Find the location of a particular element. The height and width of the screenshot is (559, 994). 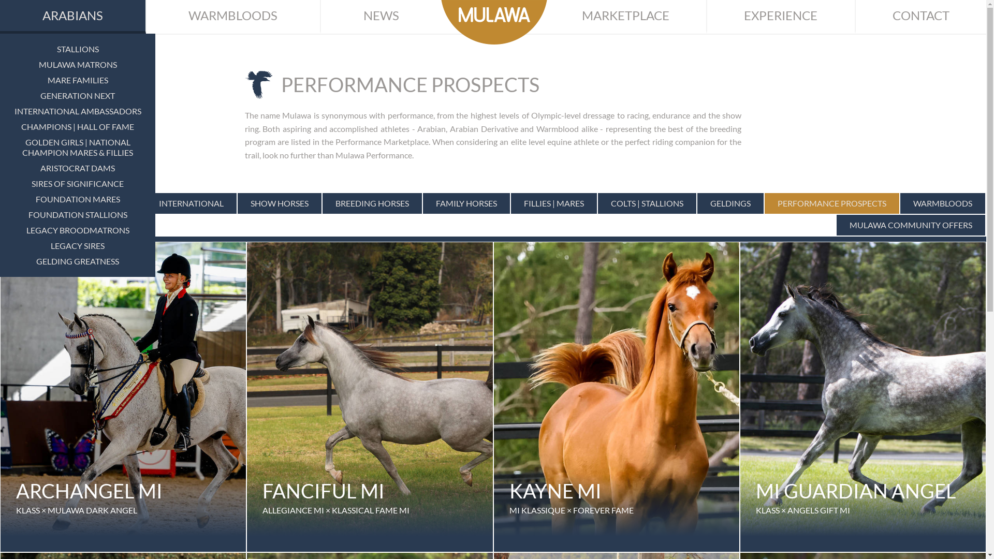

'SIRES OF SIGNIFICANCE' is located at coordinates (77, 183).